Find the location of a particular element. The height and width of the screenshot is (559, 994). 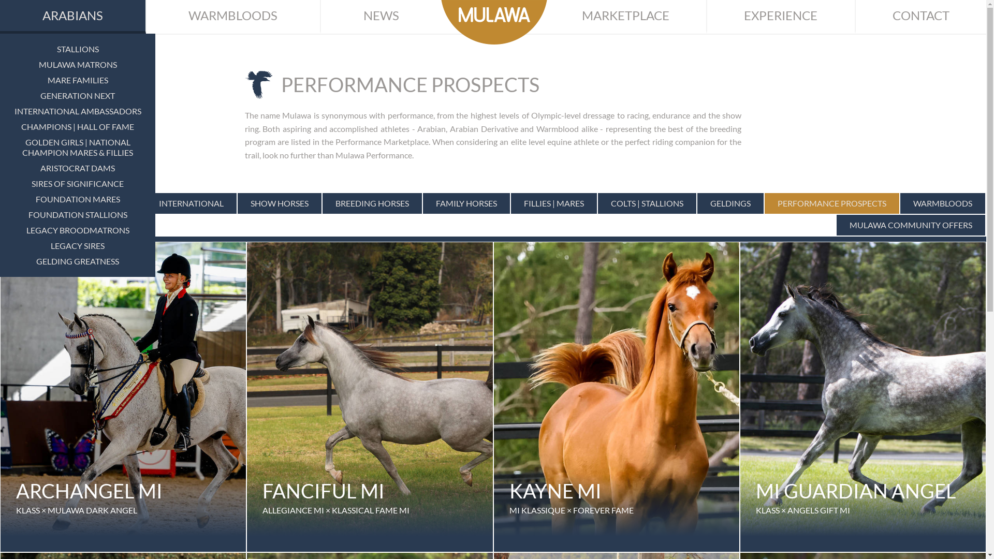

'SIRES OF SIGNIFICANCE' is located at coordinates (77, 183).